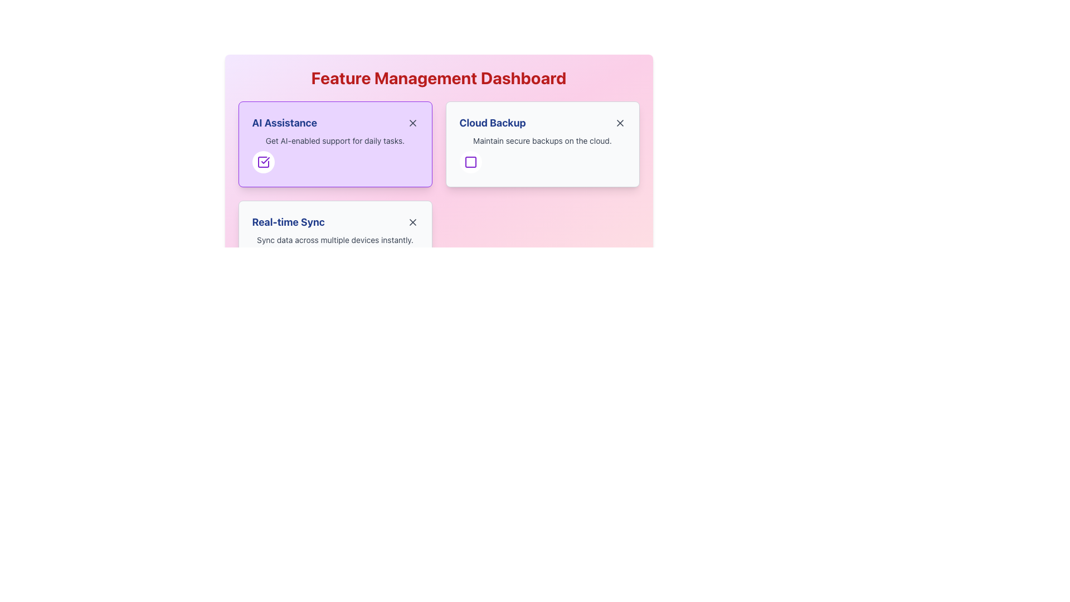 The height and width of the screenshot is (602, 1070). Describe the element at coordinates (284, 123) in the screenshot. I see `the 'AI Assistance' text label located in the top-left section of the 'Feature Management Dashboard' card` at that location.